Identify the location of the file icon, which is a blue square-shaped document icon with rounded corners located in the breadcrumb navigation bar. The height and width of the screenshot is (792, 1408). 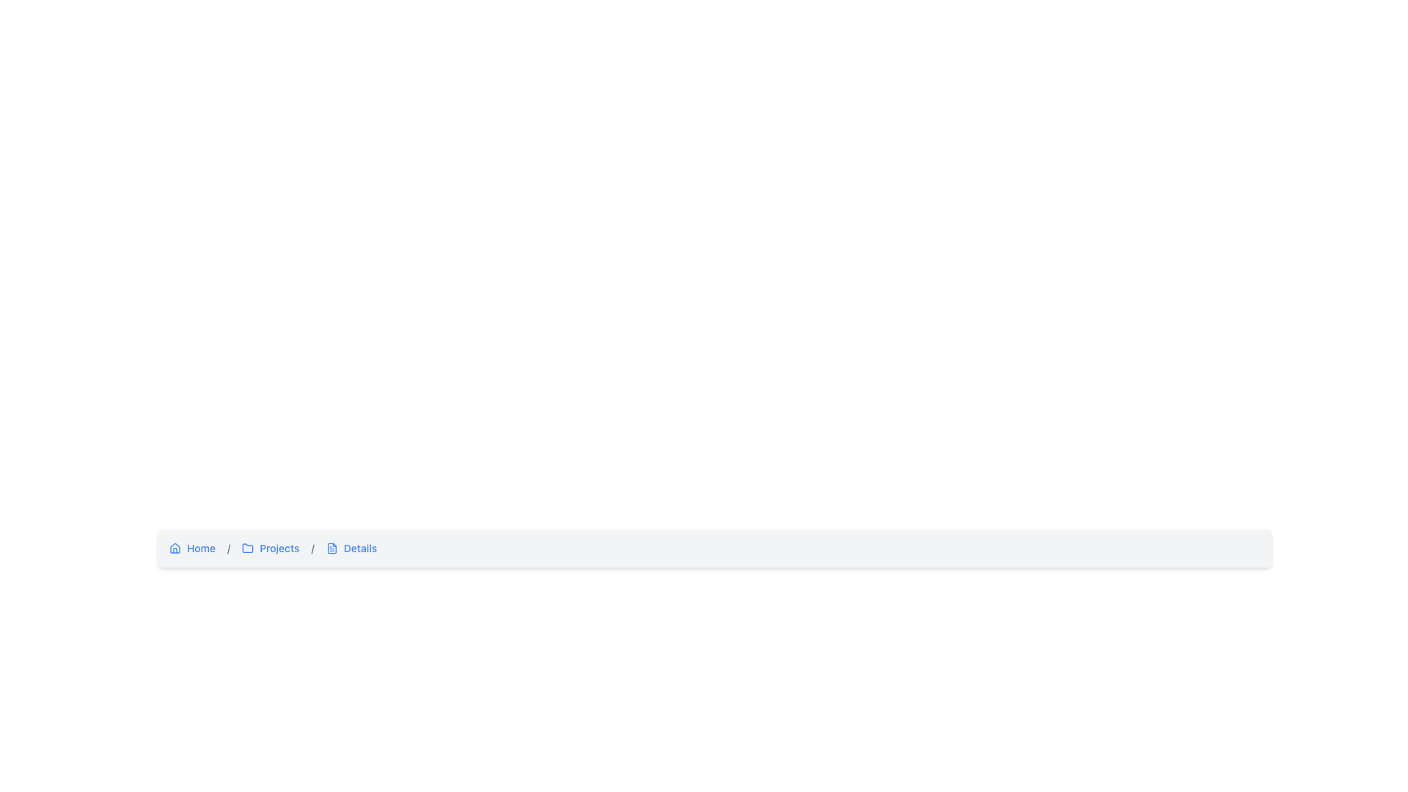
(331, 549).